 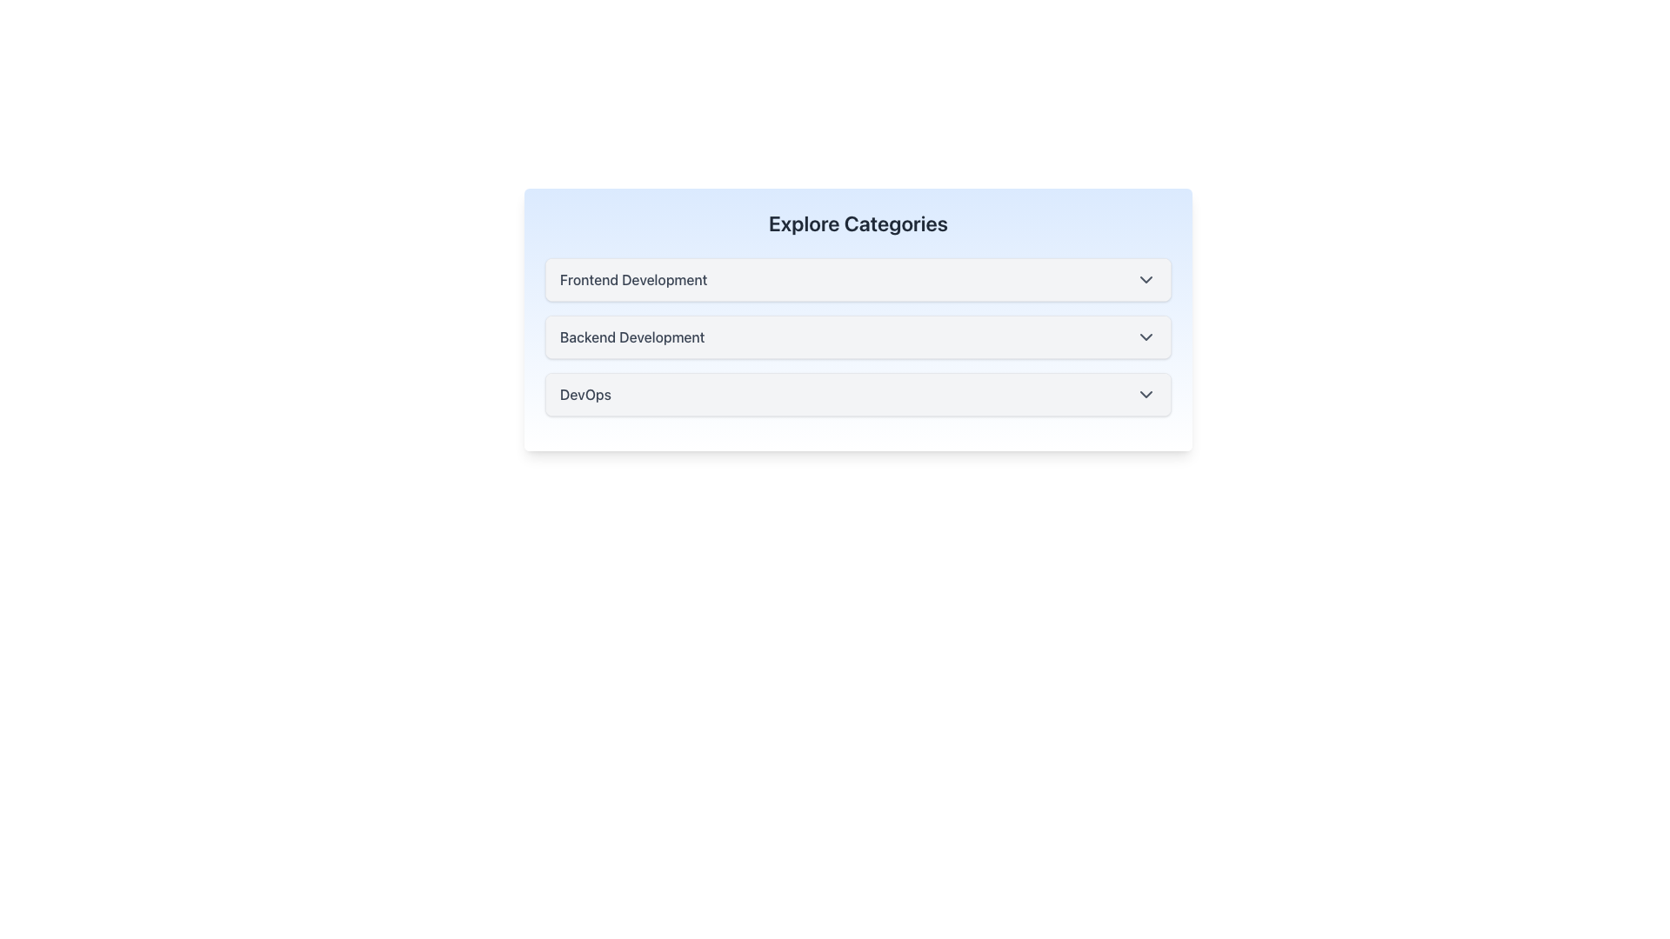 I want to click on the chevron-down icon located at the far-right end of the 'Frontend Development' list item, so click(x=1146, y=278).